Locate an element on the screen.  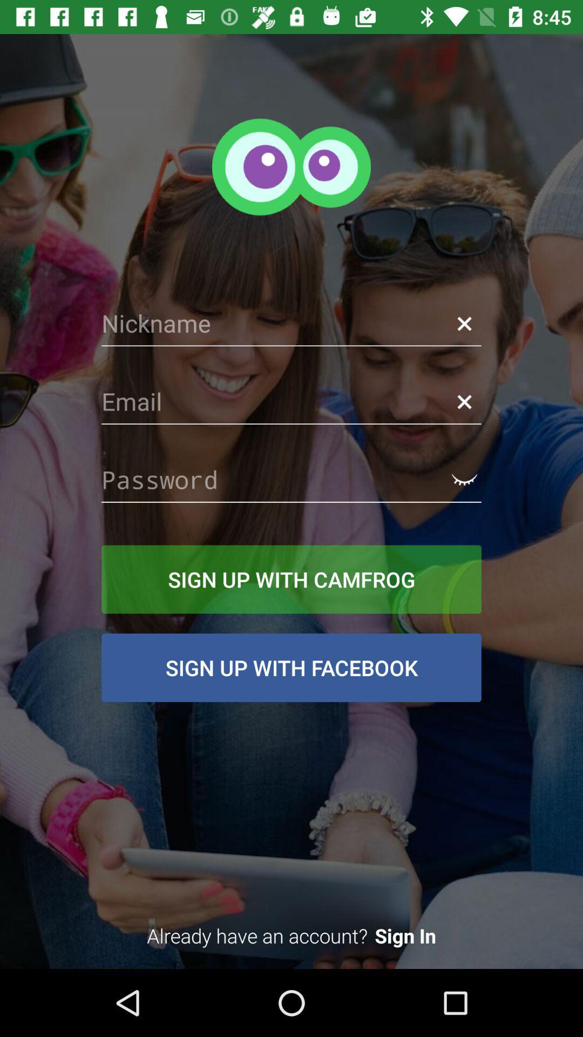
erase email is located at coordinates (464, 401).